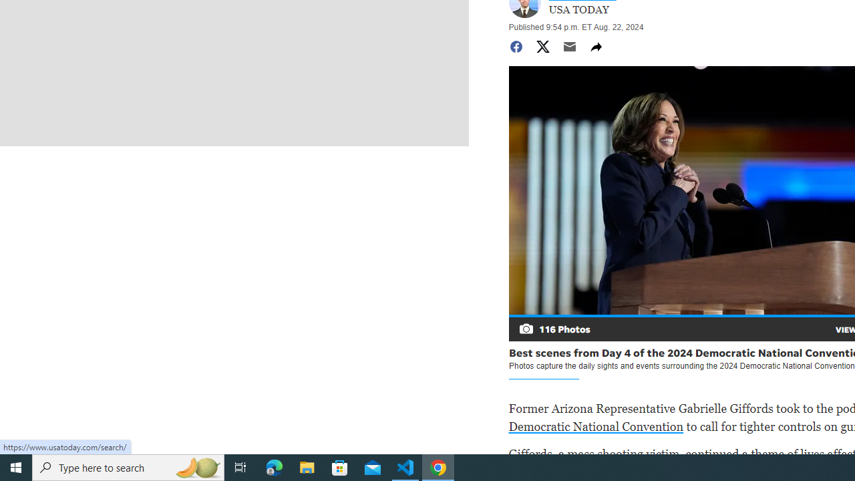 The height and width of the screenshot is (481, 855). I want to click on 'Democratic National Convention', so click(595, 426).